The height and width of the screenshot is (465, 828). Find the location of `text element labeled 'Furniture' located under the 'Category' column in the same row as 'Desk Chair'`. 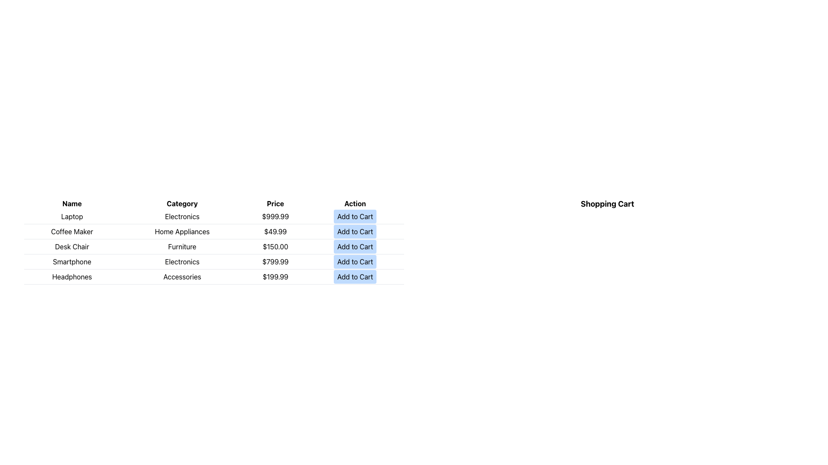

text element labeled 'Furniture' located under the 'Category' column in the same row as 'Desk Chair' is located at coordinates (182, 247).